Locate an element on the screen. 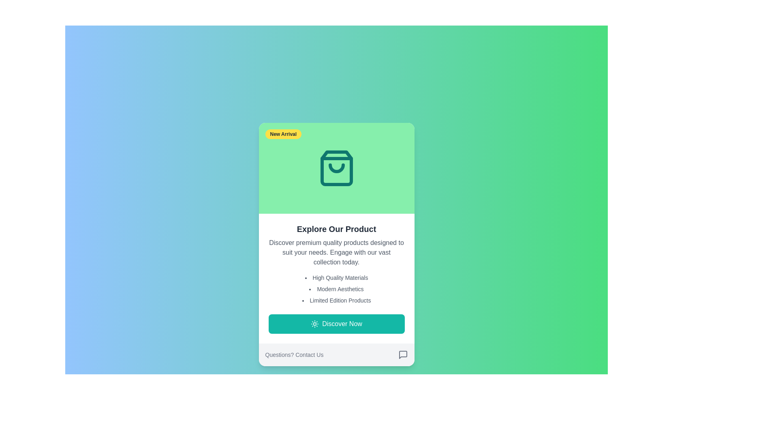 This screenshot has height=438, width=778. text label 'Discover Now' which is styled with a white font against a teal background, located at the center of the button within the card layout is located at coordinates (342, 323).